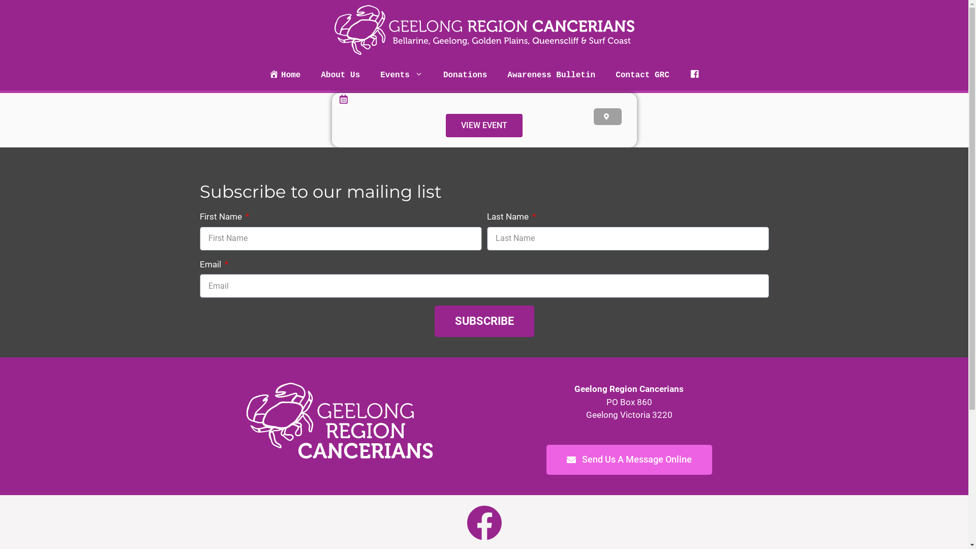 This screenshot has height=549, width=976. Describe the element at coordinates (401, 74) in the screenshot. I see `'Events'` at that location.